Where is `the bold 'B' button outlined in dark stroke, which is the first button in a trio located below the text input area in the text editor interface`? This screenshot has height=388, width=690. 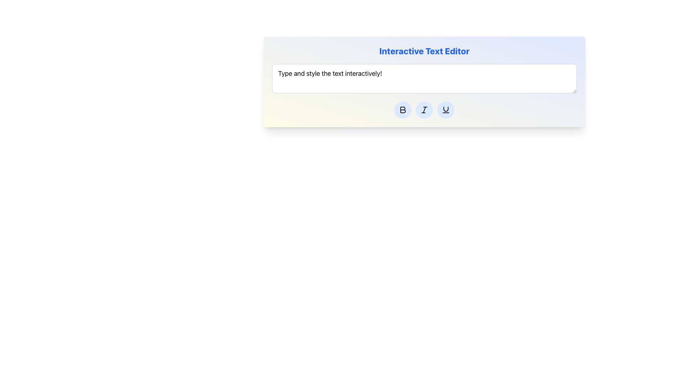
the bold 'B' button outlined in dark stroke, which is the first button in a trio located below the text input area in the text editor interface is located at coordinates (403, 110).